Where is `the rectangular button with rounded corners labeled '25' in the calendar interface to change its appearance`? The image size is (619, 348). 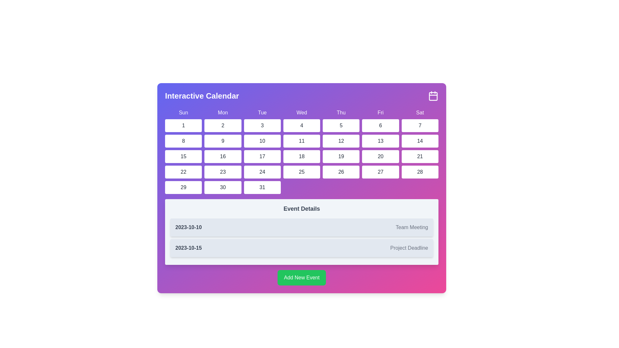
the rectangular button with rounded corners labeled '25' in the calendar interface to change its appearance is located at coordinates (301, 171).